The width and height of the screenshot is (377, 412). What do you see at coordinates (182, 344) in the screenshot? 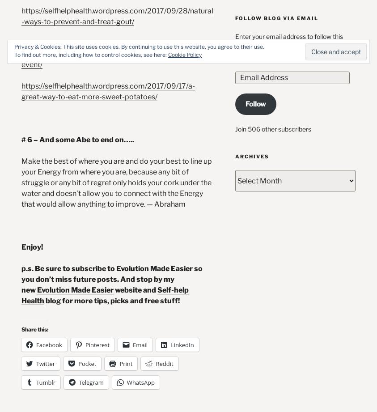
I see `'LinkedIn'` at bounding box center [182, 344].